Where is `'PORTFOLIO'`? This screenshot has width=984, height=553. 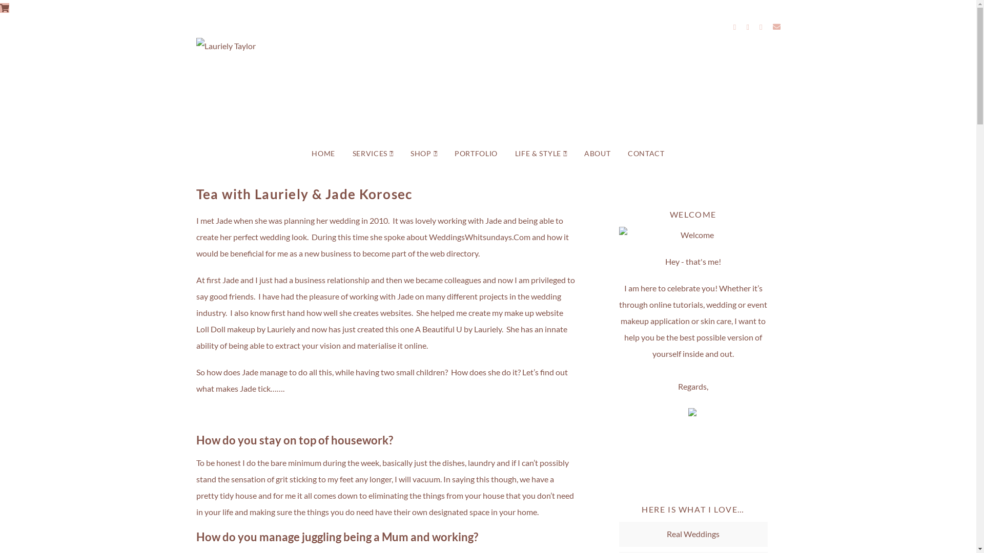
'PORTFOLIO' is located at coordinates (447, 154).